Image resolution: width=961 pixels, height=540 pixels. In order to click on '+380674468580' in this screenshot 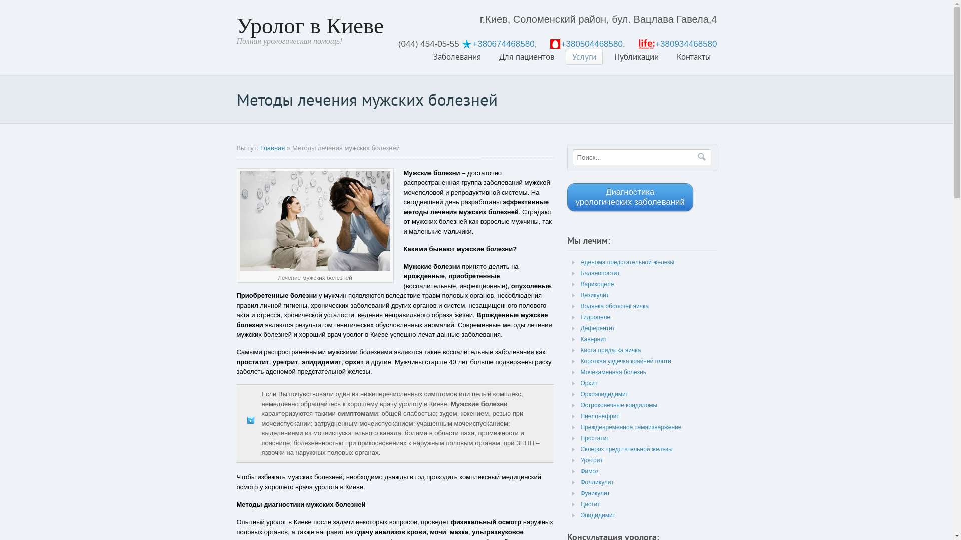, I will do `click(503, 43)`.